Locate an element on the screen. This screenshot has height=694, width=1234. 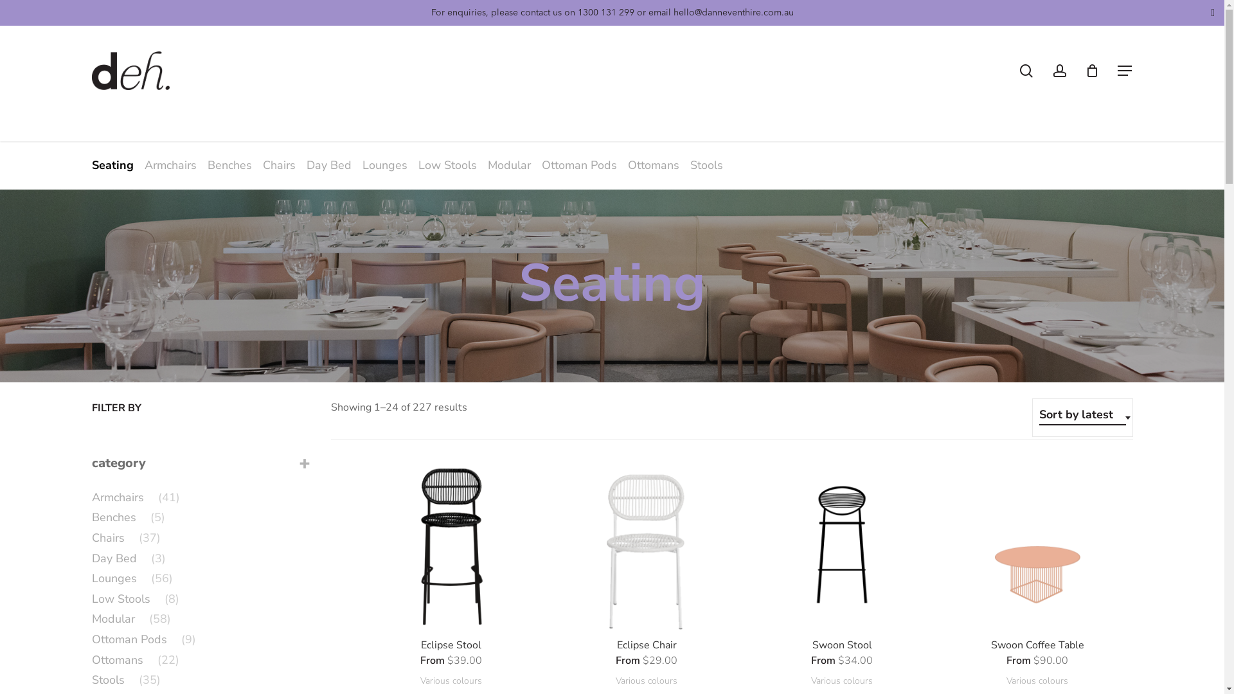
'Benches' is located at coordinates (231, 165).